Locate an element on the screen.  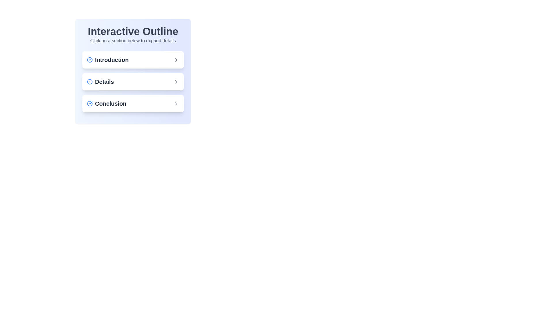
the Chevron icon is located at coordinates (176, 103).